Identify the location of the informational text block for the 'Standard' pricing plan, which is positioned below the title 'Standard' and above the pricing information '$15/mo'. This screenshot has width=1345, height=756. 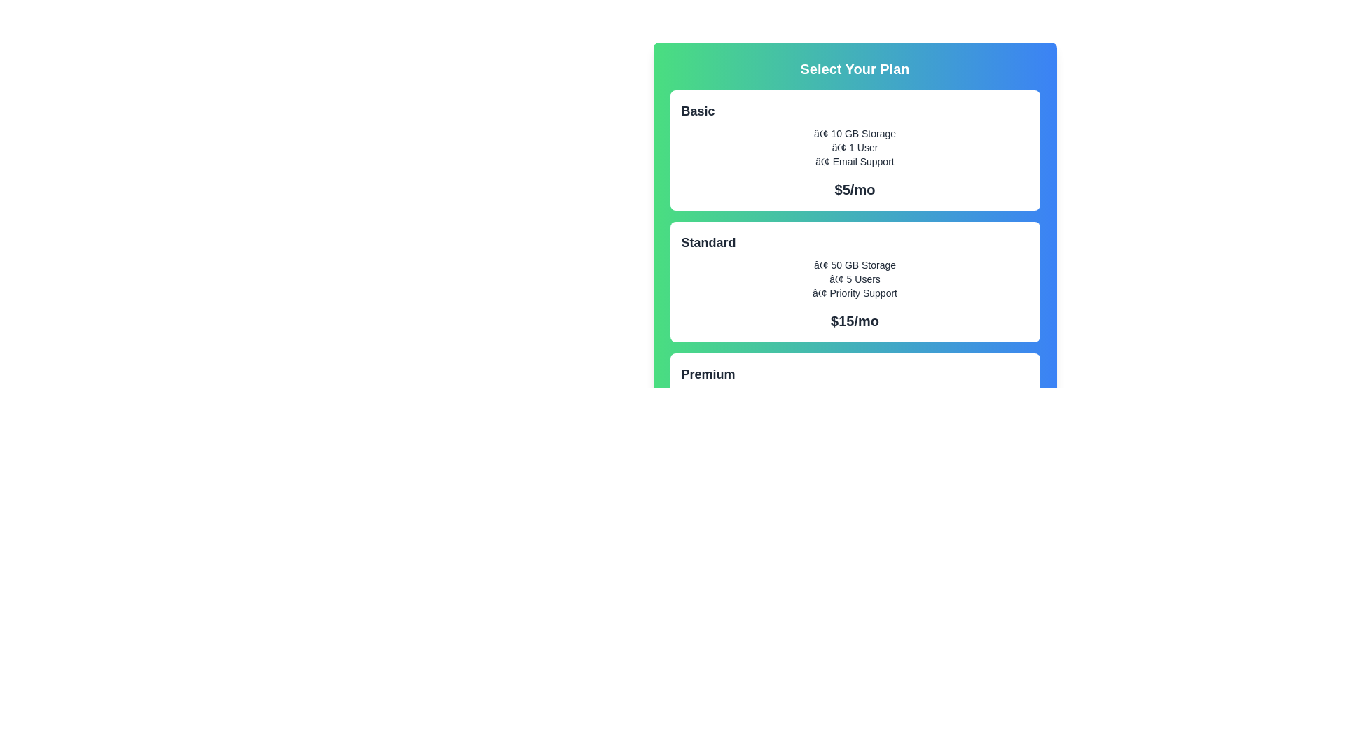
(854, 279).